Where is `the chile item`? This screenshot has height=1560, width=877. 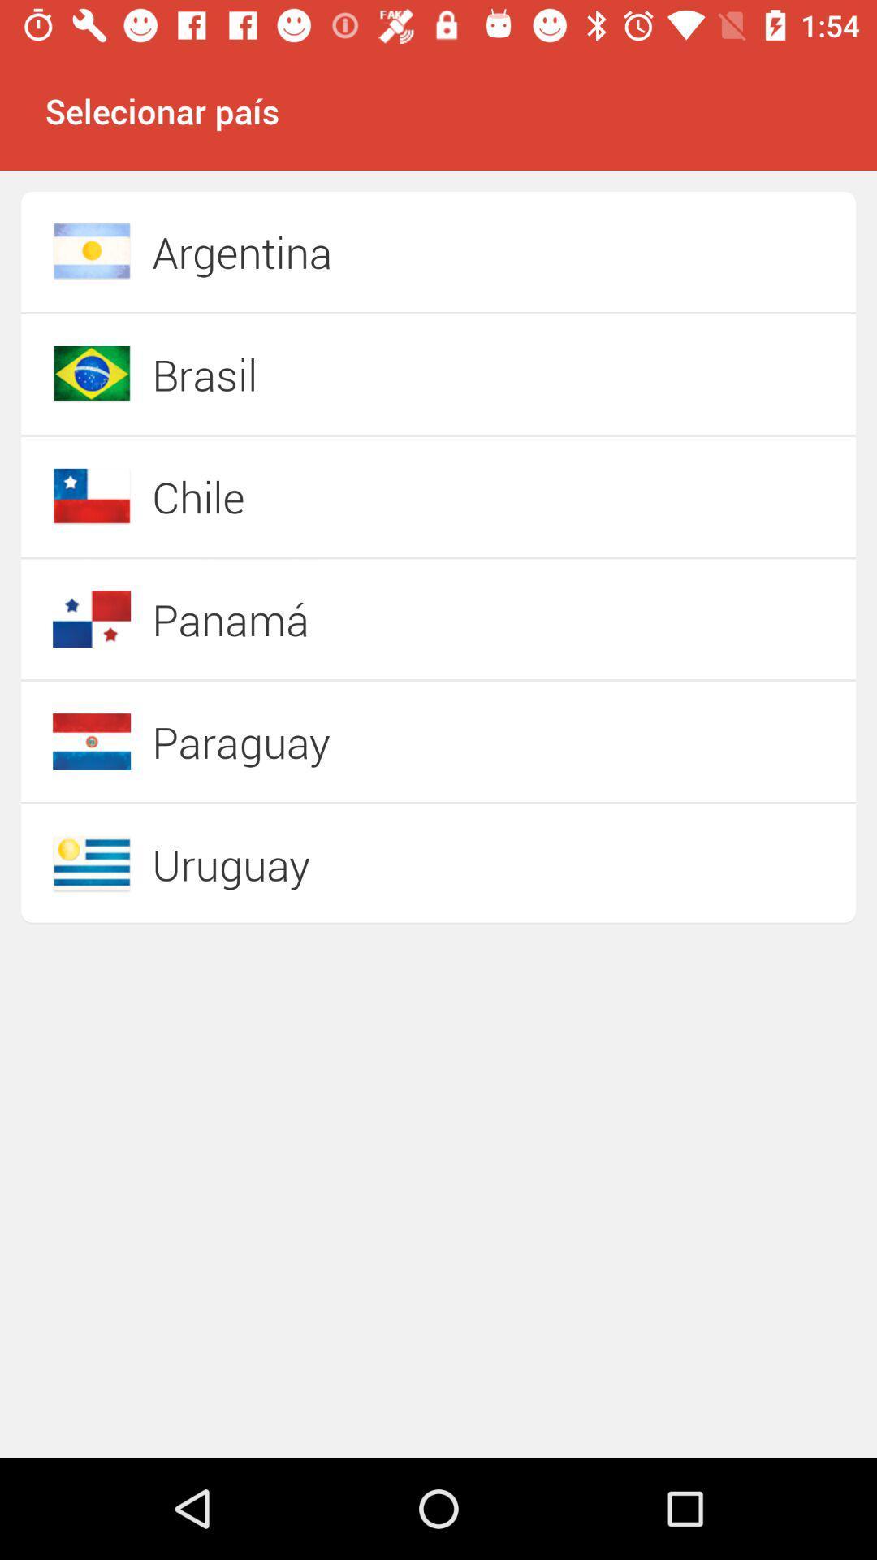
the chile item is located at coordinates (381, 496).